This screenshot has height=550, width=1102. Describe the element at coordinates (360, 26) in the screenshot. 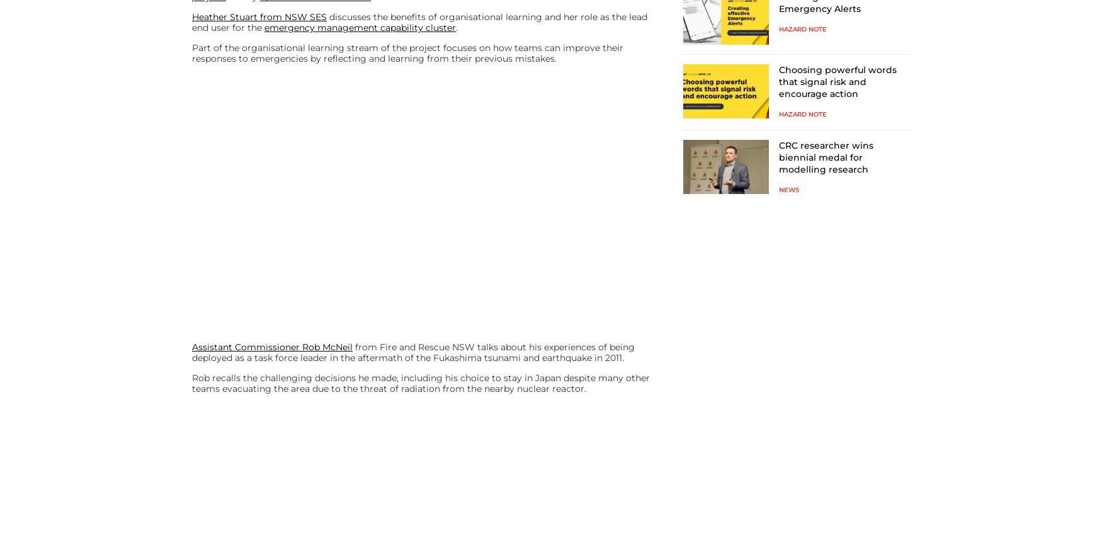

I see `'emergency management capability cluster'` at that location.